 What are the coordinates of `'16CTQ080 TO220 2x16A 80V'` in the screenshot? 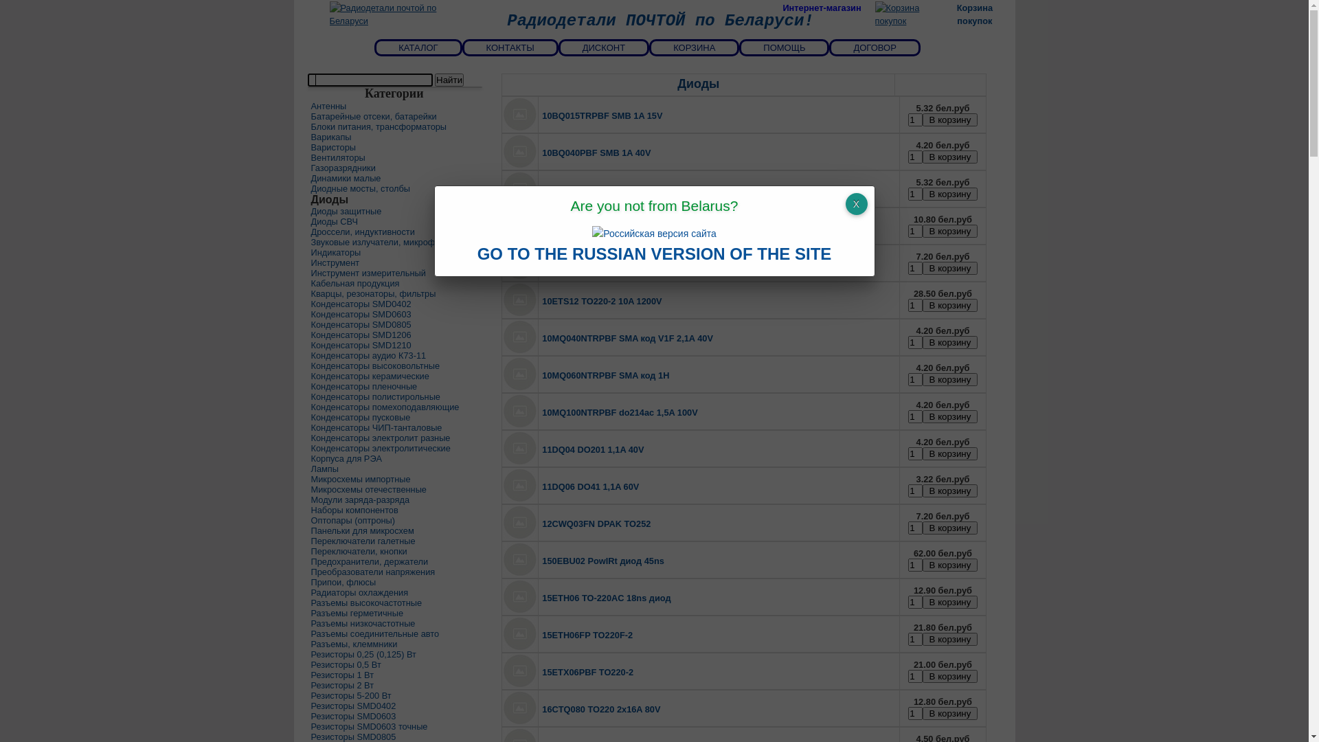 It's located at (600, 709).